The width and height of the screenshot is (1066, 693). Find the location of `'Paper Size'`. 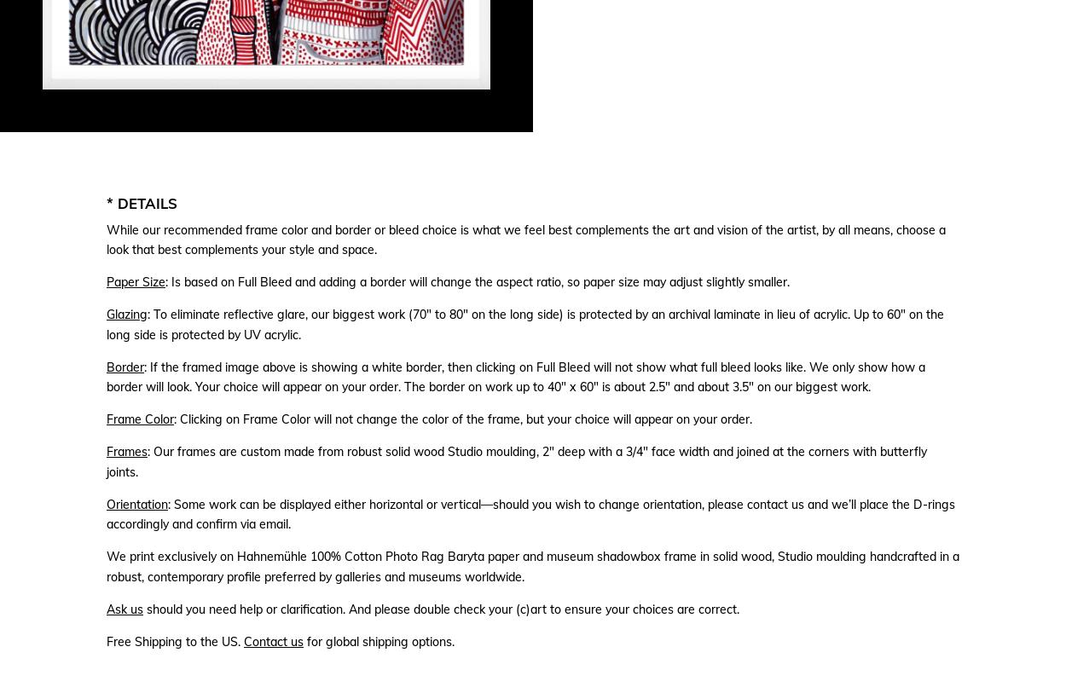

'Paper Size' is located at coordinates (136, 280).